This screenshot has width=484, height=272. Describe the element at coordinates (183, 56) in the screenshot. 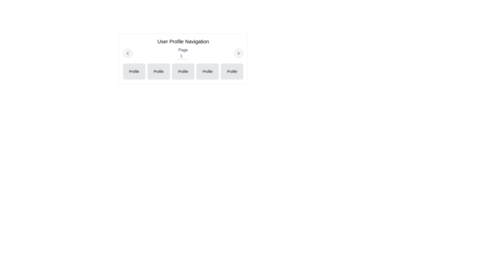

I see `the page number` at that location.